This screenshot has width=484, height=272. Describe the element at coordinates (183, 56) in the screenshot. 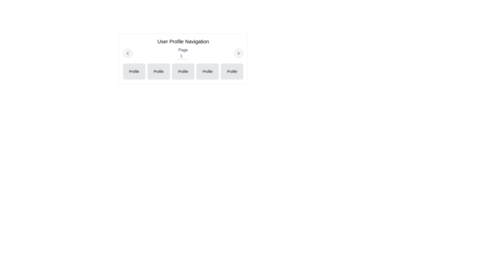

I see `the page number` at that location.